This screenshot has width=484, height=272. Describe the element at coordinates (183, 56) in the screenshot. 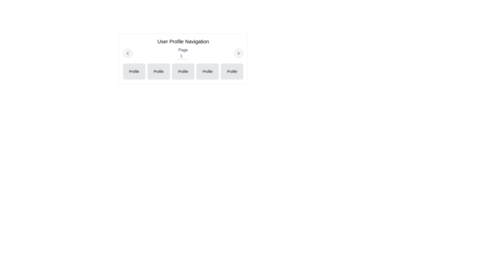

I see `the page number` at that location.